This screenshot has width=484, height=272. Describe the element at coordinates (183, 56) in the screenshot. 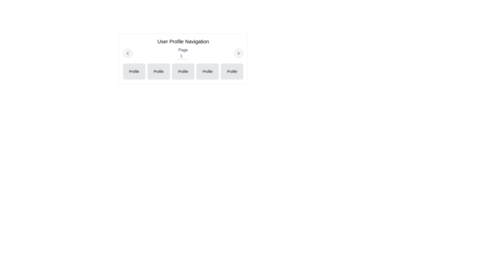

I see `the page number` at that location.